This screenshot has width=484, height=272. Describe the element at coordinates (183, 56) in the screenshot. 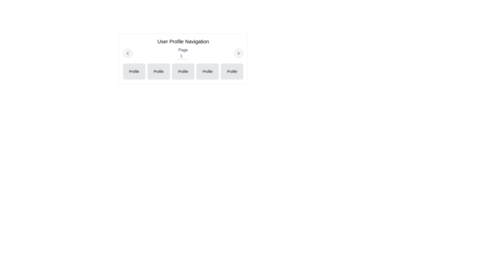

I see `the page number` at that location.